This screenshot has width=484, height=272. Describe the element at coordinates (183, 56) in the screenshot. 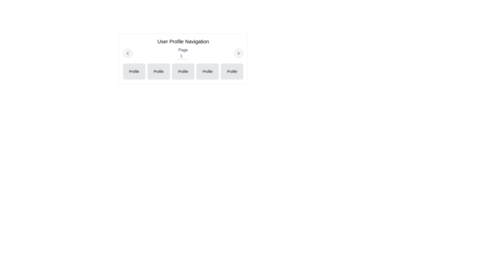

I see `the page number` at that location.